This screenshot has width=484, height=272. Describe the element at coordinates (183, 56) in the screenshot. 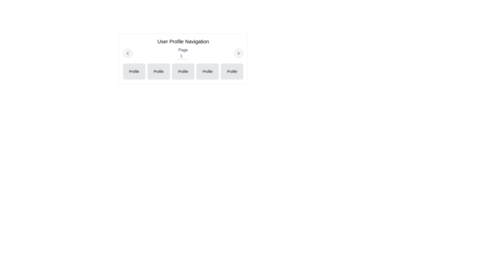

I see `the page number` at that location.